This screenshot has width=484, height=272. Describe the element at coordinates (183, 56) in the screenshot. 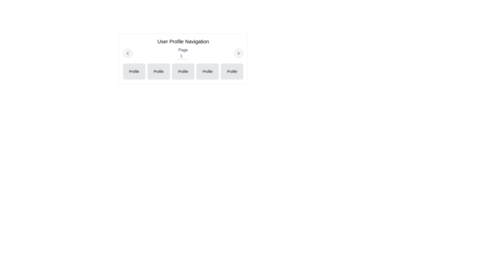

I see `the page number` at that location.